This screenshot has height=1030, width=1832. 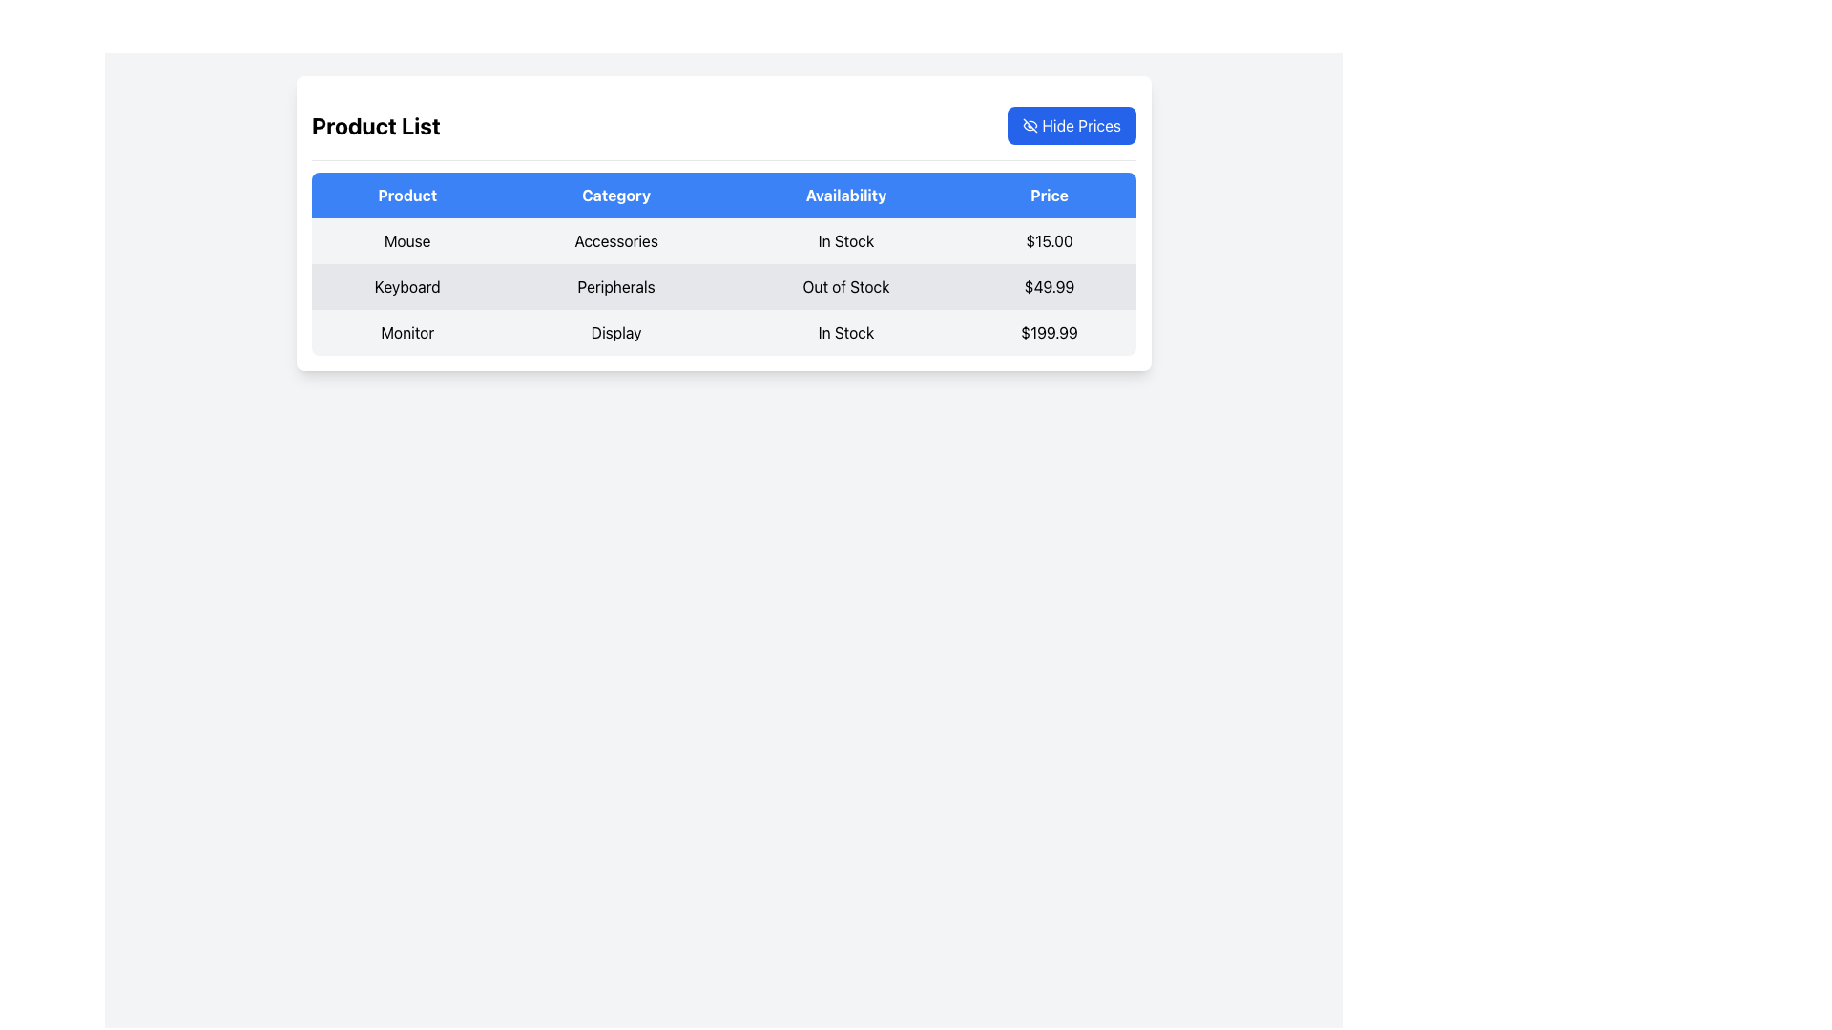 I want to click on the 'Product List' text label, which is styled in bold and serves as the title of a section above a product list, so click(x=376, y=125).